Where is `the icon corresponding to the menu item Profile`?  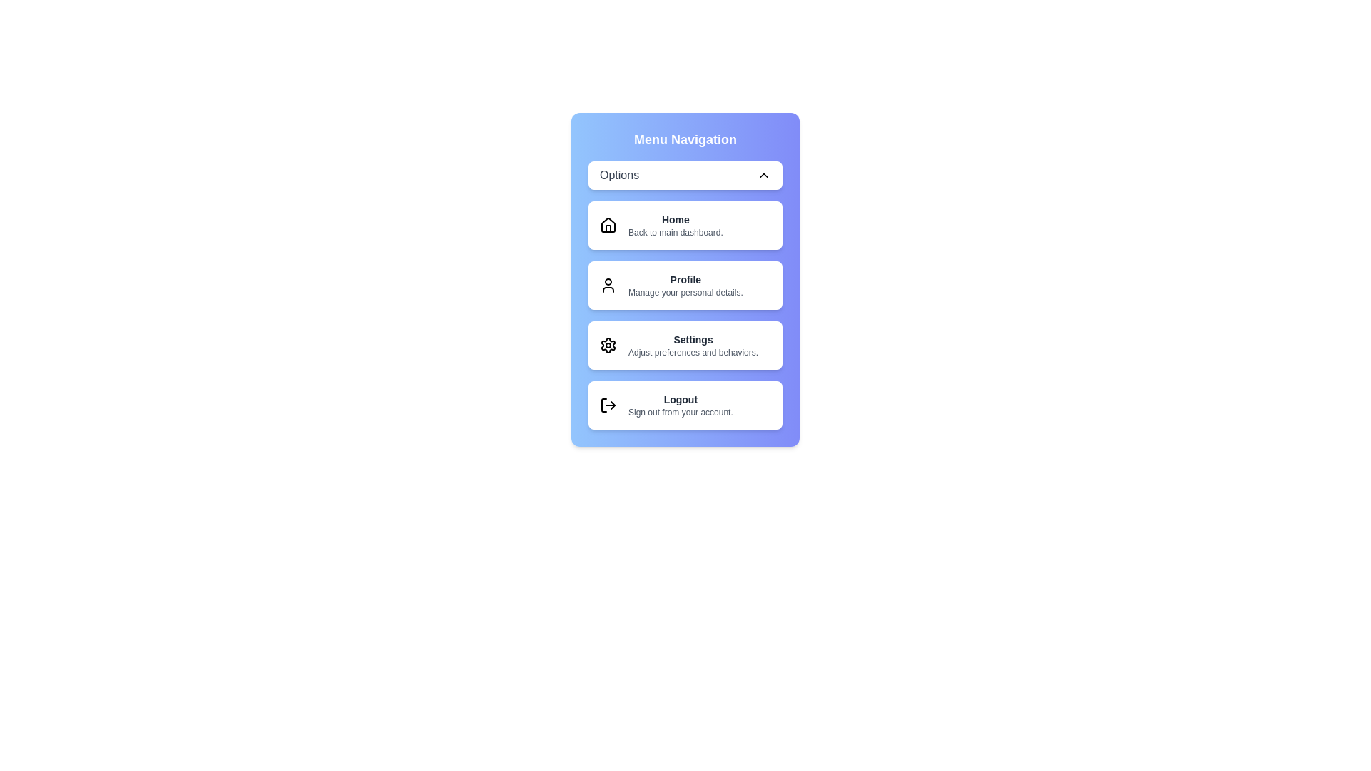 the icon corresponding to the menu item Profile is located at coordinates (608, 286).